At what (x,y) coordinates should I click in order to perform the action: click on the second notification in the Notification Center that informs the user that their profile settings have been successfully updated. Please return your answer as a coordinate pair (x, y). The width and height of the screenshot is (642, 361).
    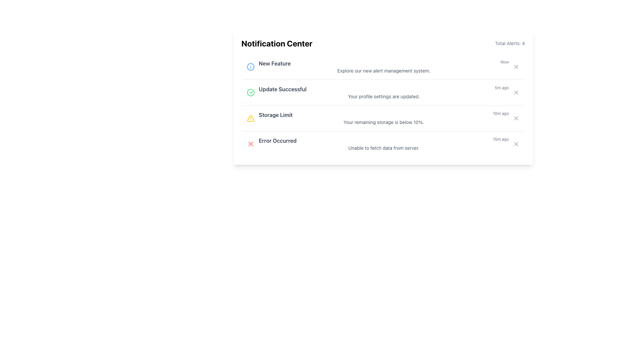
    Looking at the image, I should click on (384, 93).